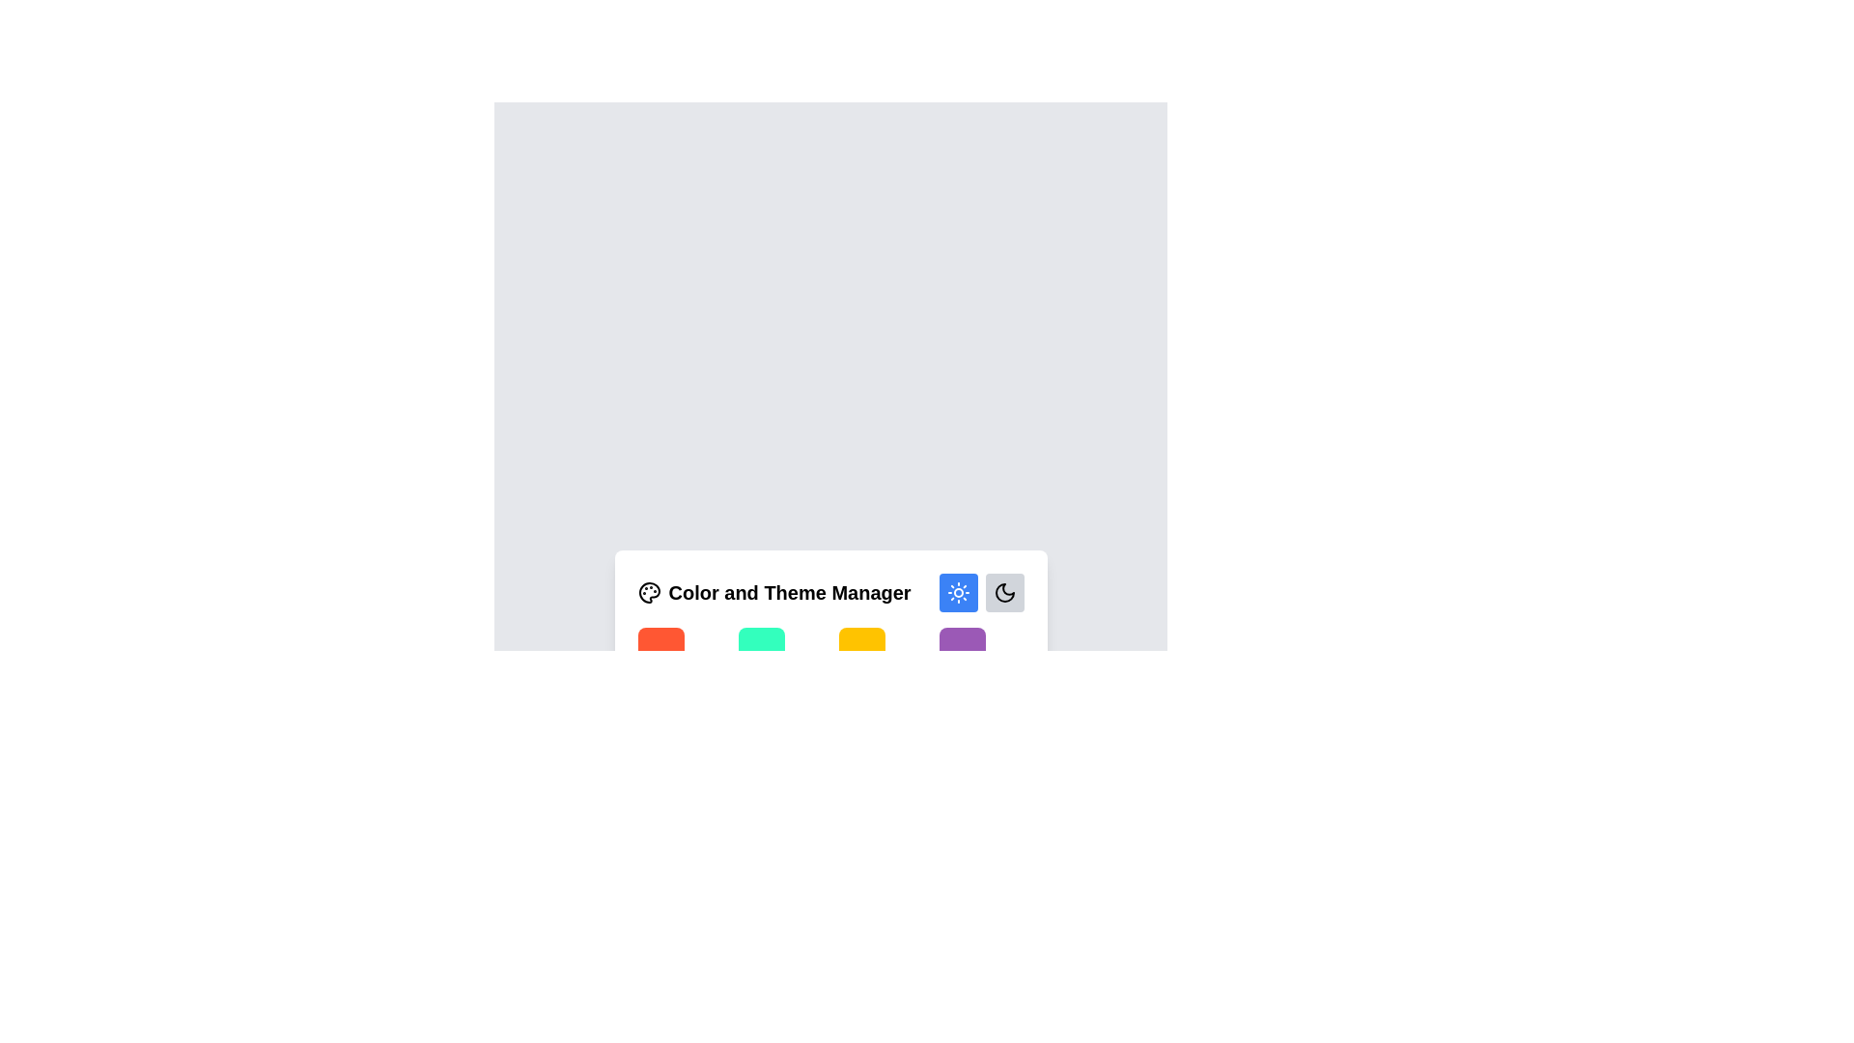  What do you see at coordinates (830, 623) in the screenshot?
I see `the individual buttons within the control panel for managing color themes, which is centered in the viewport and slightly below the vertical center` at bounding box center [830, 623].